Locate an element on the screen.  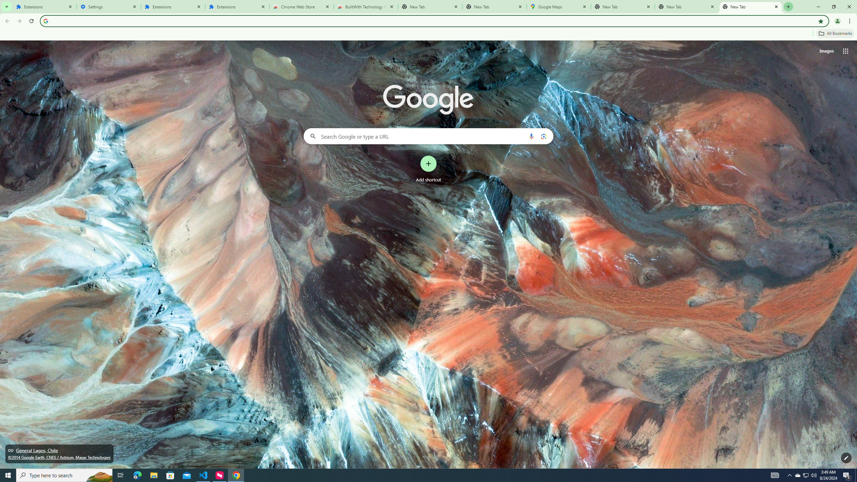
'New Tab' is located at coordinates (751, 6).